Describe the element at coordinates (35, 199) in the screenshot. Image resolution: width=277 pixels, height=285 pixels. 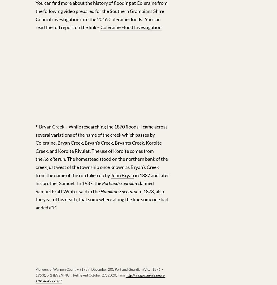
I see `'in 1878, also the year of his death, that somewhere along the line someone had added a”t”.'` at that location.